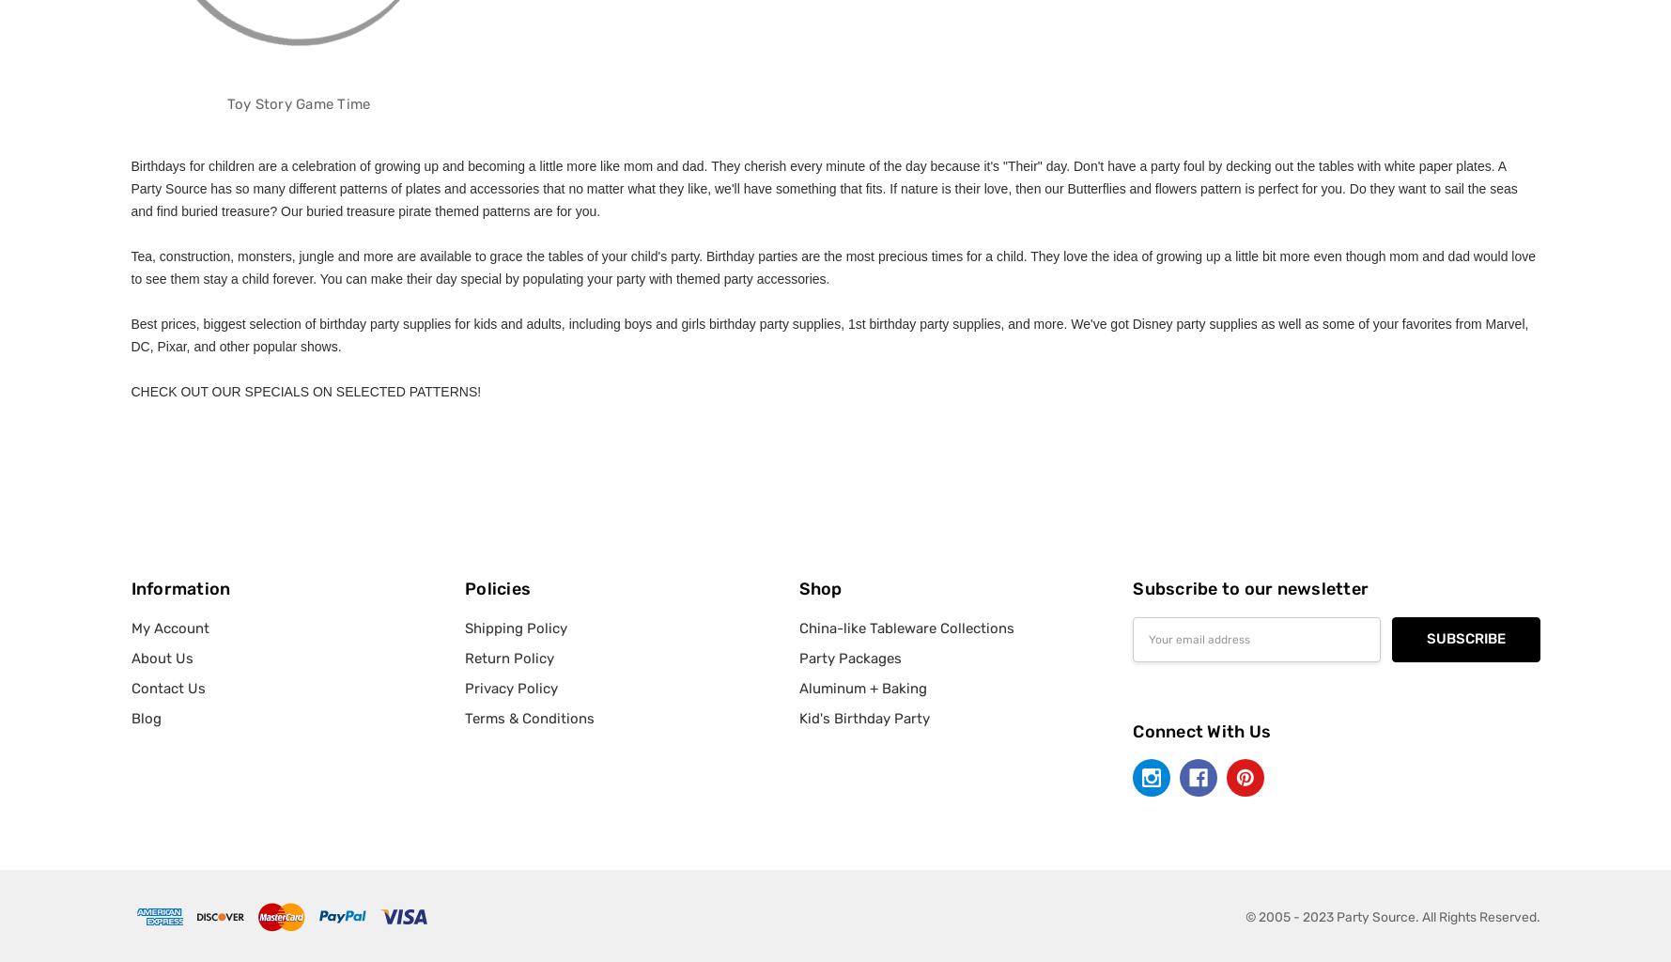 The height and width of the screenshot is (962, 1671). Describe the element at coordinates (305, 389) in the screenshot. I see `'CHECK OUT OUR SPECIALS ON SELECTED PATTERNS!'` at that location.